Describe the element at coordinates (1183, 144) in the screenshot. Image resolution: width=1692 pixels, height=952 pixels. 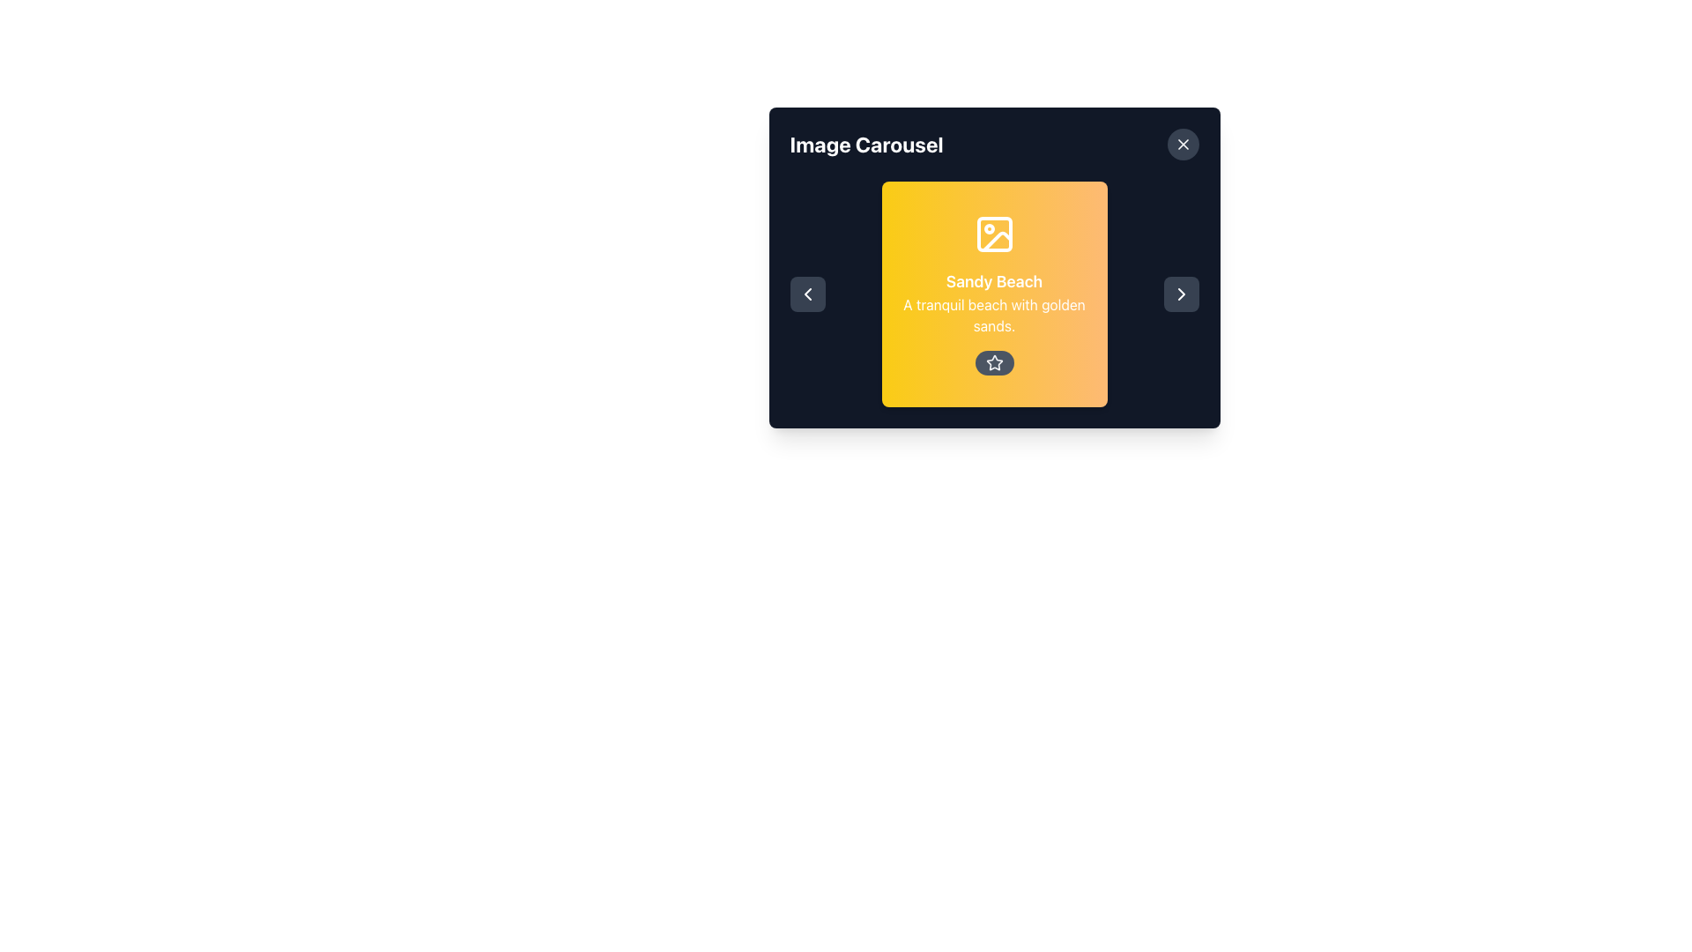
I see `on the close button located in the top-right corner of the carousel interface` at that location.